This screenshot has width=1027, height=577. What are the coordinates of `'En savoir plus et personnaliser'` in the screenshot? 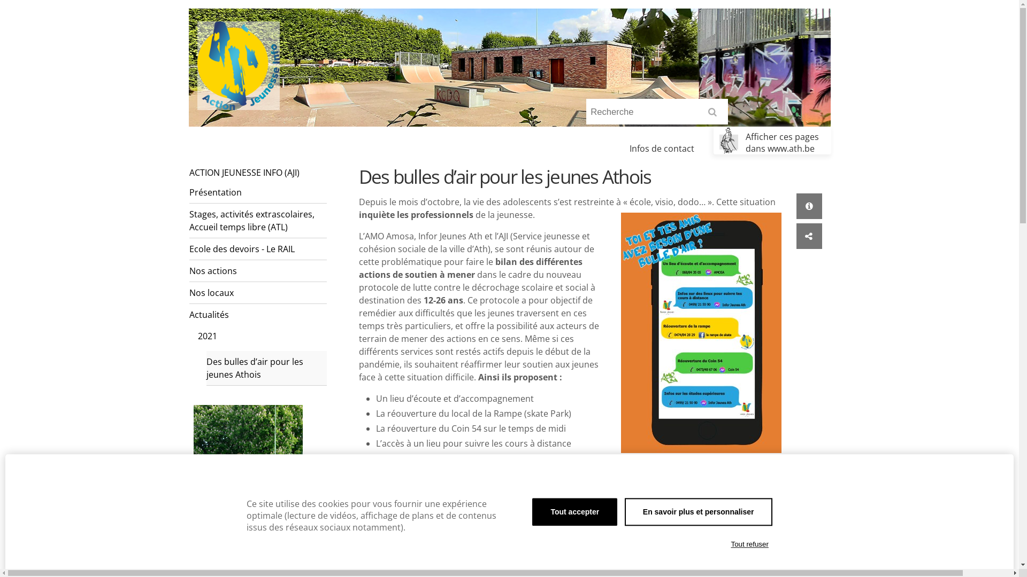 It's located at (624, 511).